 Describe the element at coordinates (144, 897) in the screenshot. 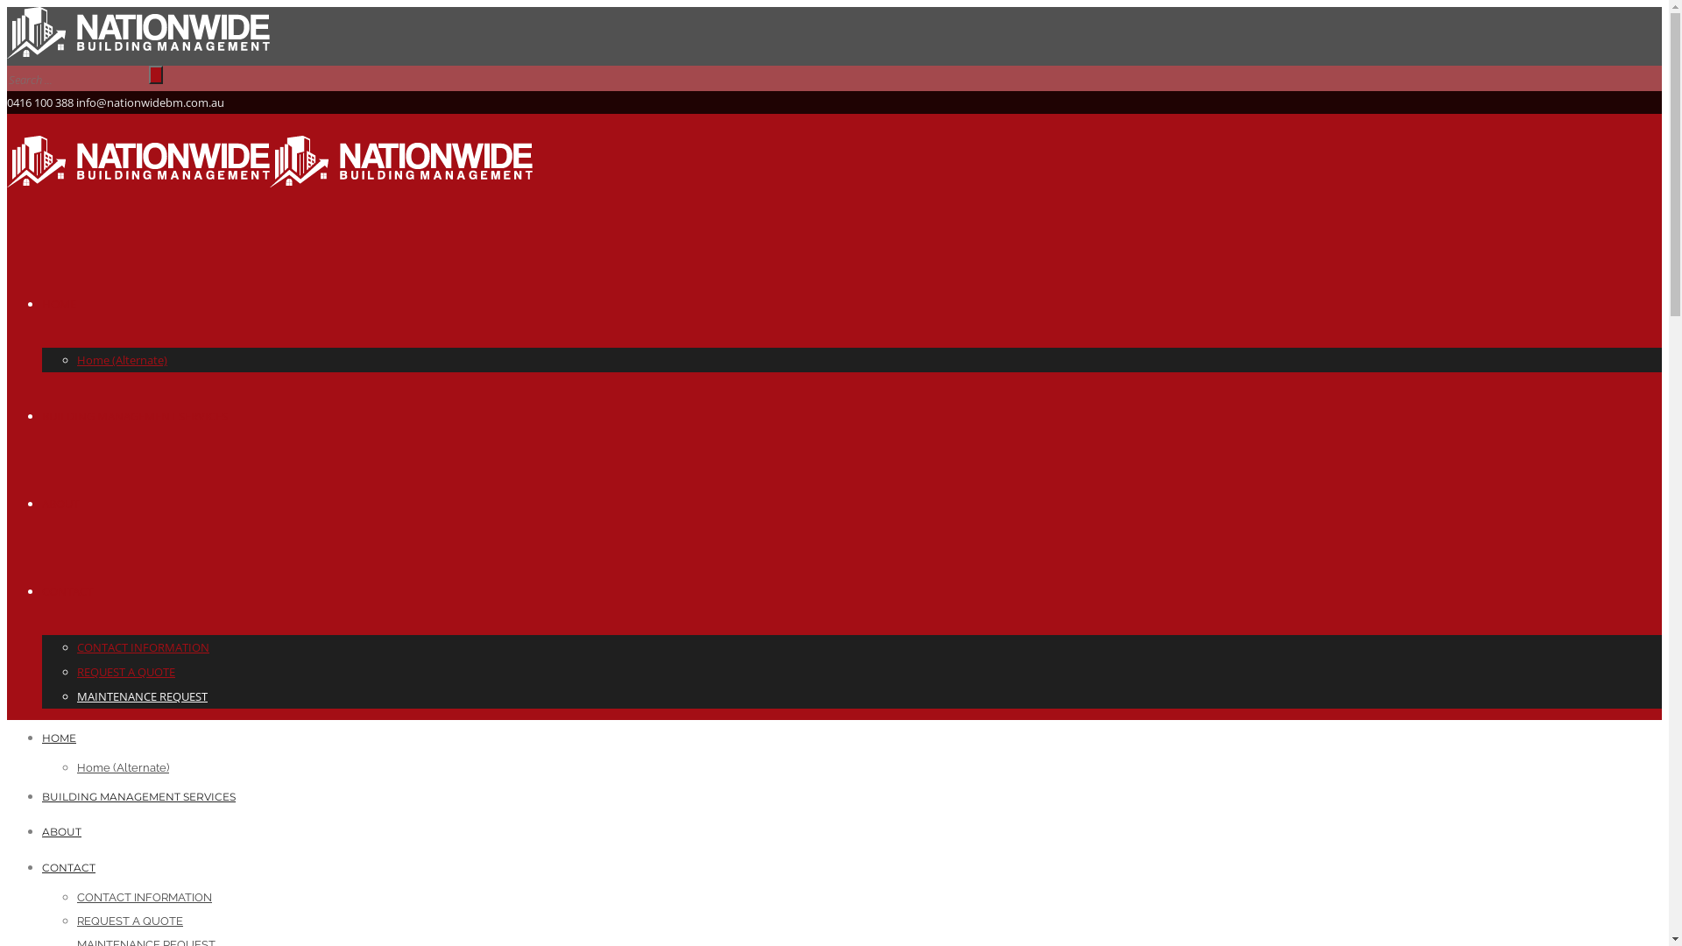

I see `'CONTACT INFORMATION'` at that location.